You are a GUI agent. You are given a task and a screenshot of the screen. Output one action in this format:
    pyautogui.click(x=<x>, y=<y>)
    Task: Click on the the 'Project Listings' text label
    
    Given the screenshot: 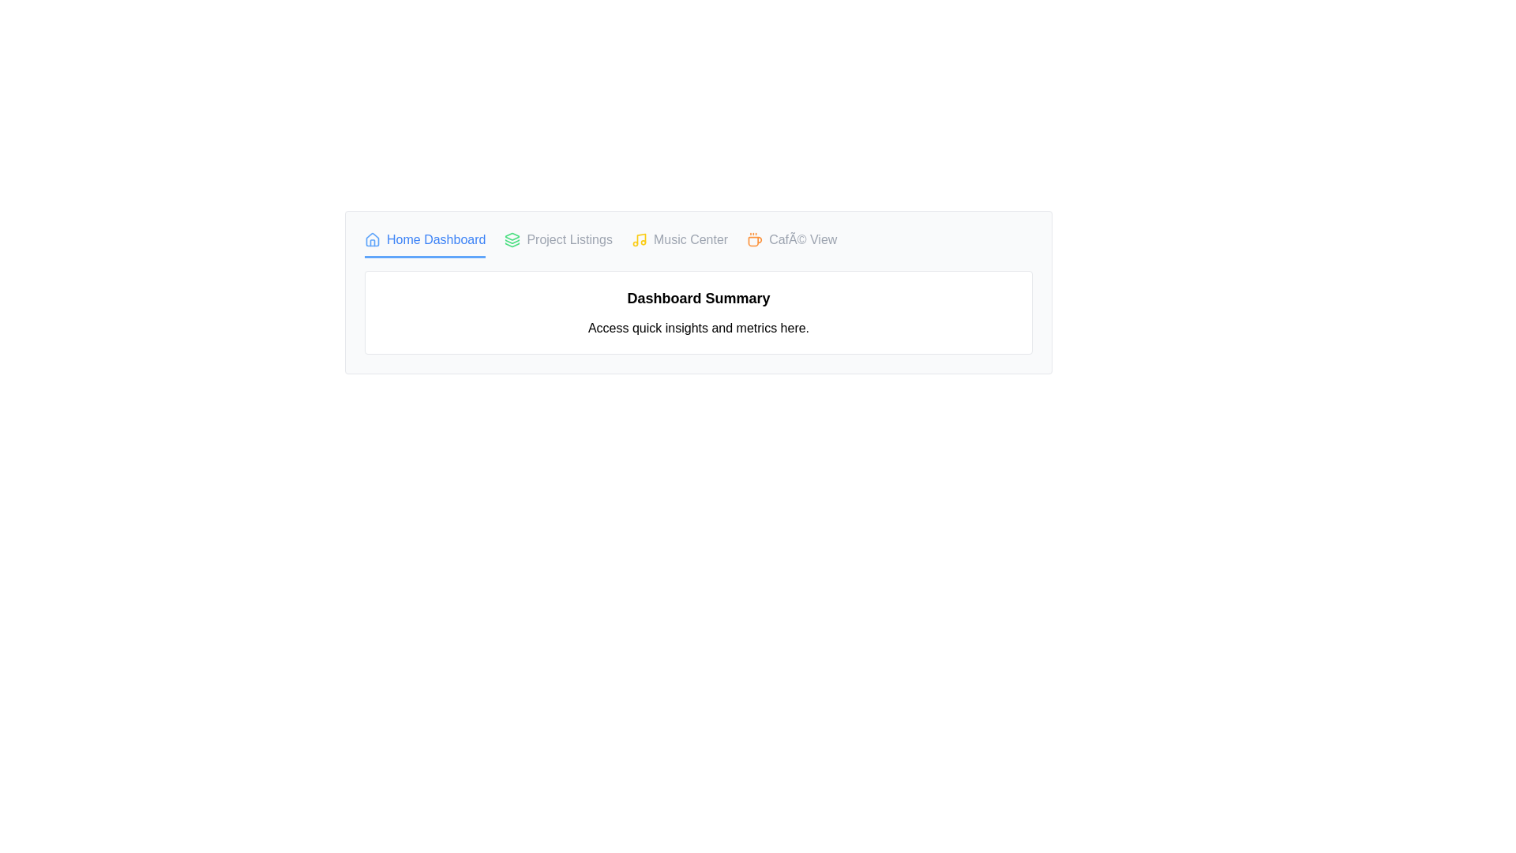 What is the action you would take?
    pyautogui.click(x=568, y=240)
    